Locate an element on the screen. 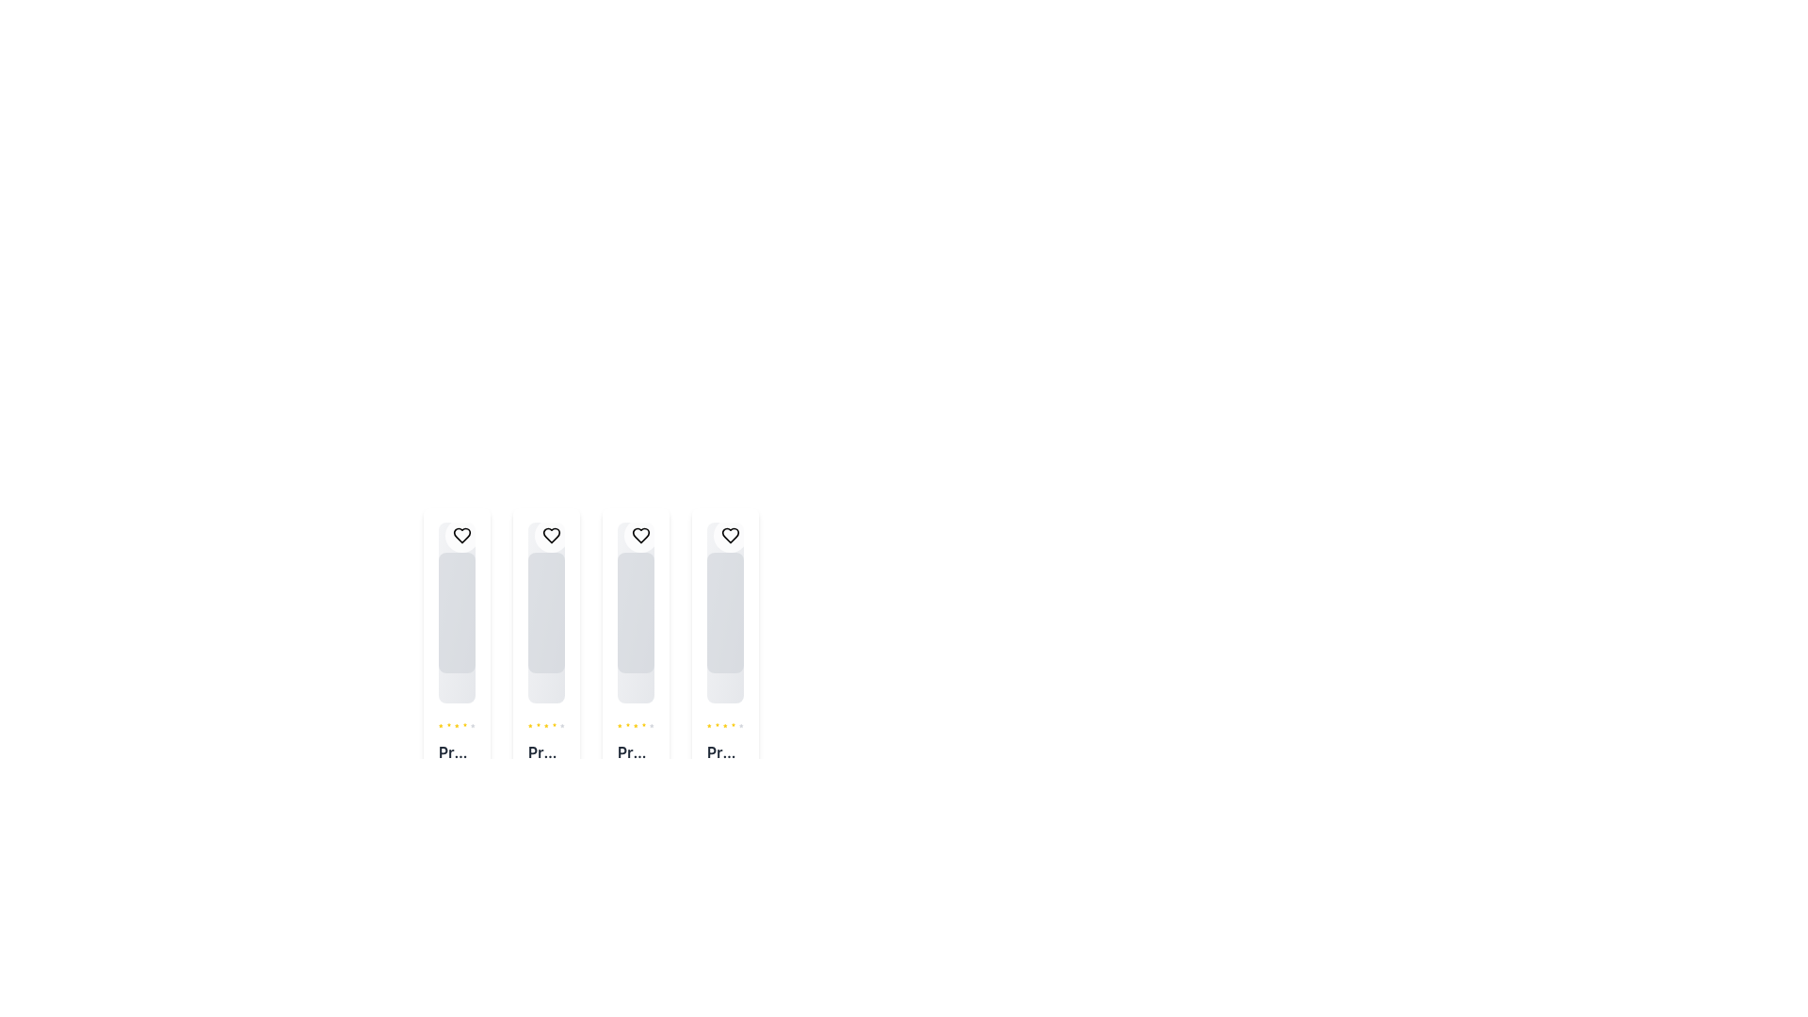  the product name text displayed in the fourth product card, located below the ratings and above the category text, to focus on this element is located at coordinates (724, 751).